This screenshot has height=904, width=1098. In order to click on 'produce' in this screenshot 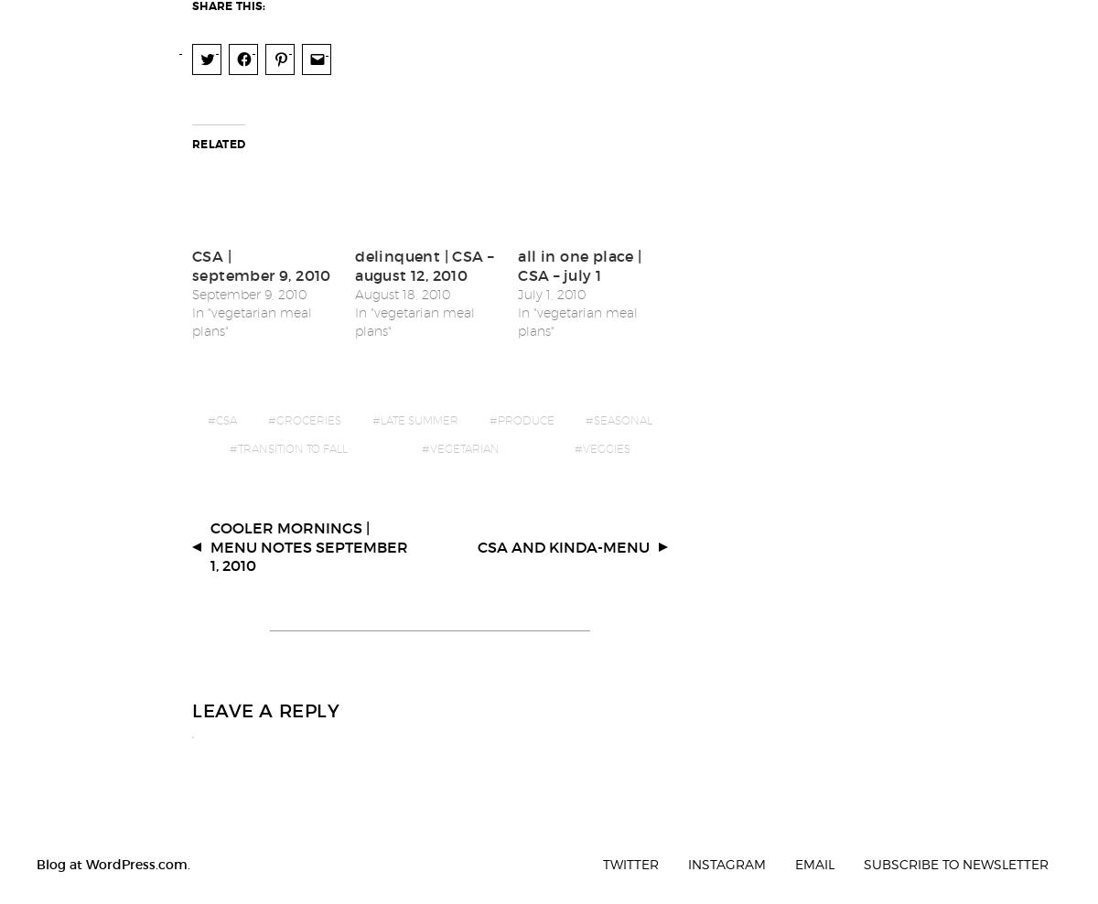, I will do `click(525, 406)`.